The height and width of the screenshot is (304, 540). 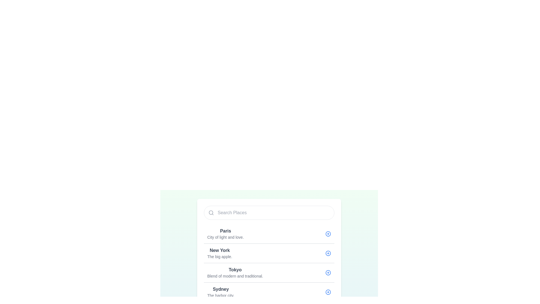 I want to click on the static text label reading 'City of light and love.' which is positioned below the bold 'Paris' label in a card interface, so click(x=225, y=237).